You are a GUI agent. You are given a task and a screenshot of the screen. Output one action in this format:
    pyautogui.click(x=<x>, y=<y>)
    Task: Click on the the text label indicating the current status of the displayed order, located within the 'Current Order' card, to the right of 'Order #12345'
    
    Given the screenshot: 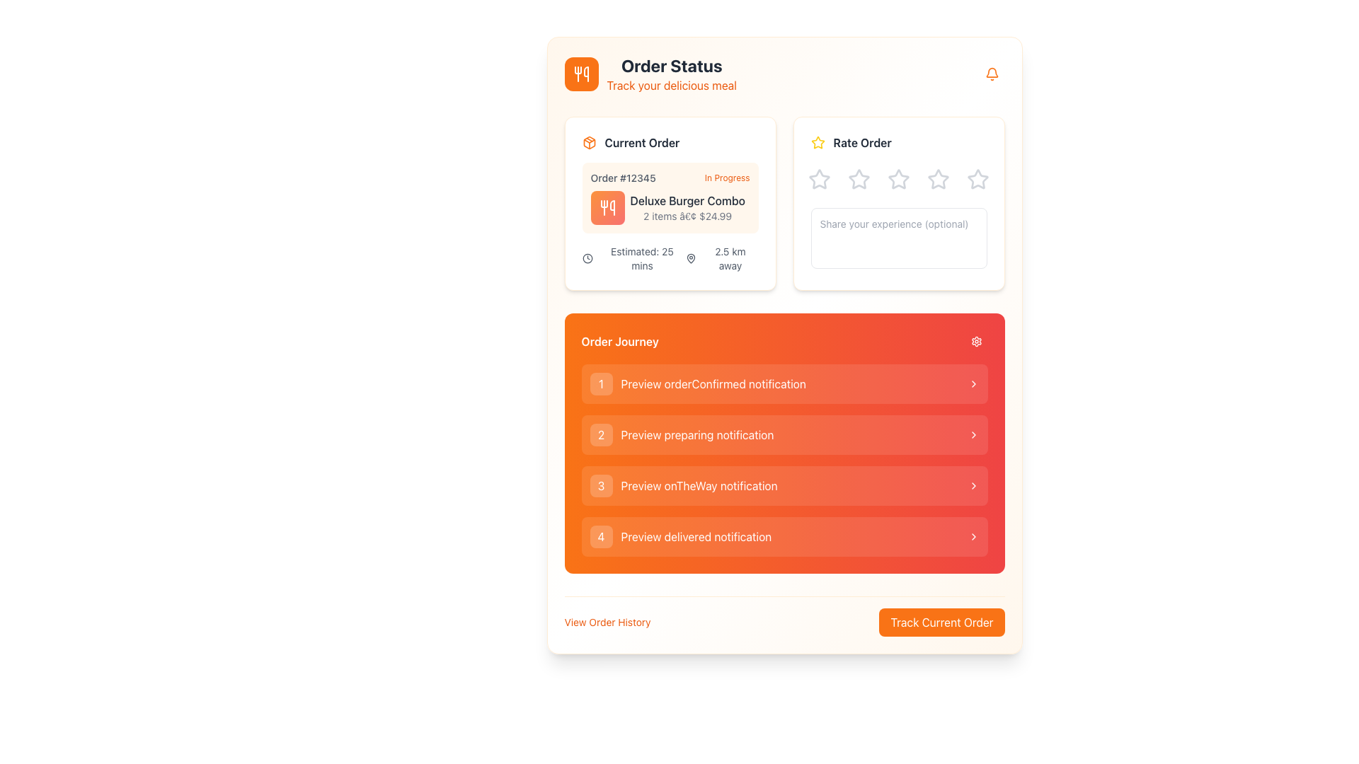 What is the action you would take?
    pyautogui.click(x=727, y=177)
    